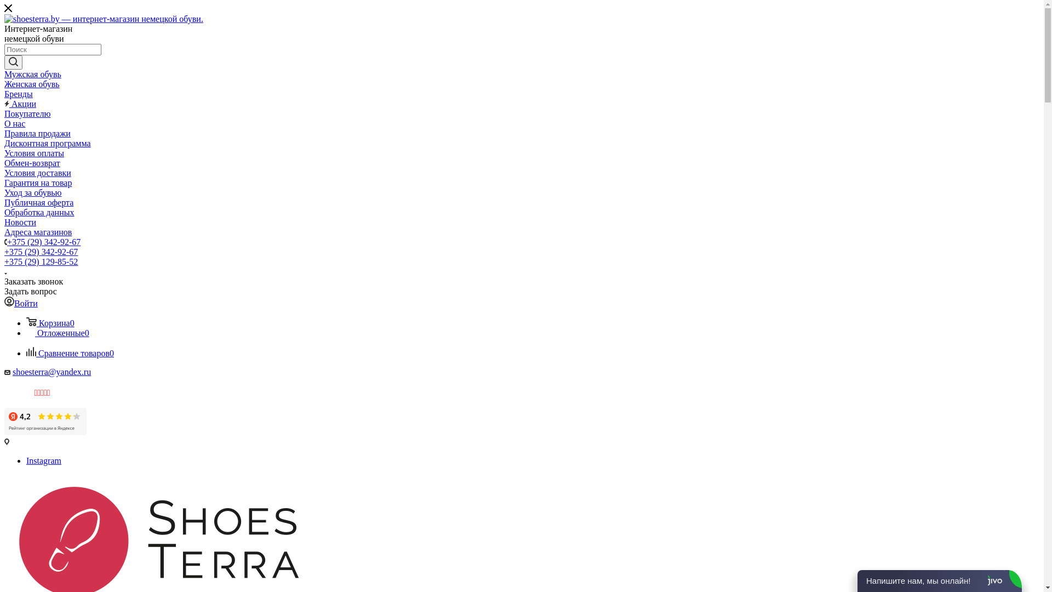  What do you see at coordinates (4, 261) in the screenshot?
I see `'+375 (29) 129-85-52'` at bounding box center [4, 261].